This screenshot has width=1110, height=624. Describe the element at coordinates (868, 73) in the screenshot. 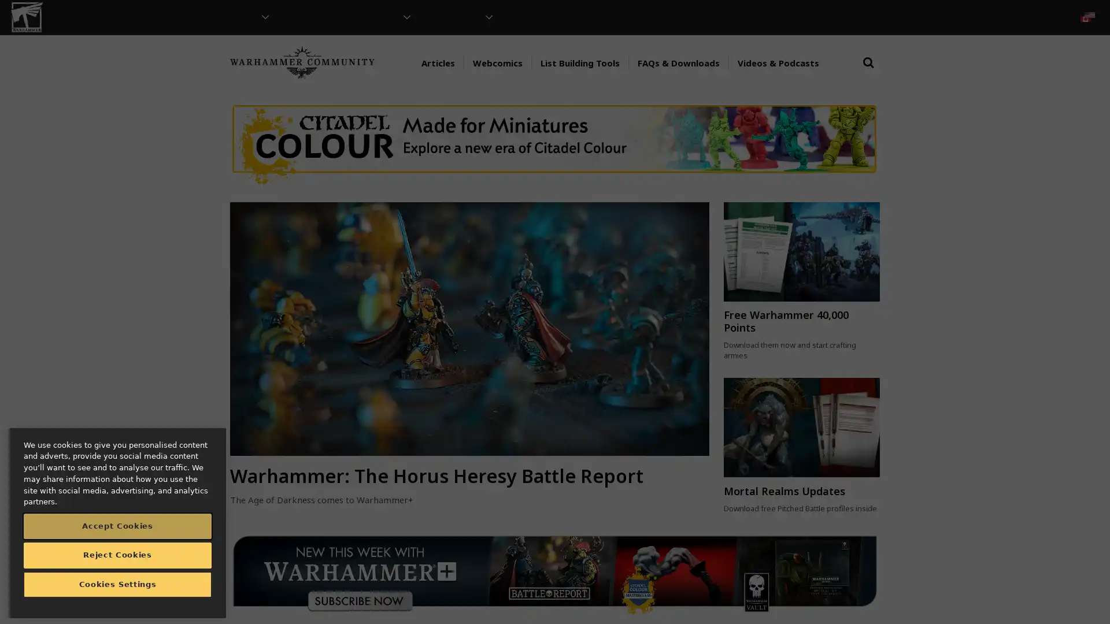

I see `Search` at that location.